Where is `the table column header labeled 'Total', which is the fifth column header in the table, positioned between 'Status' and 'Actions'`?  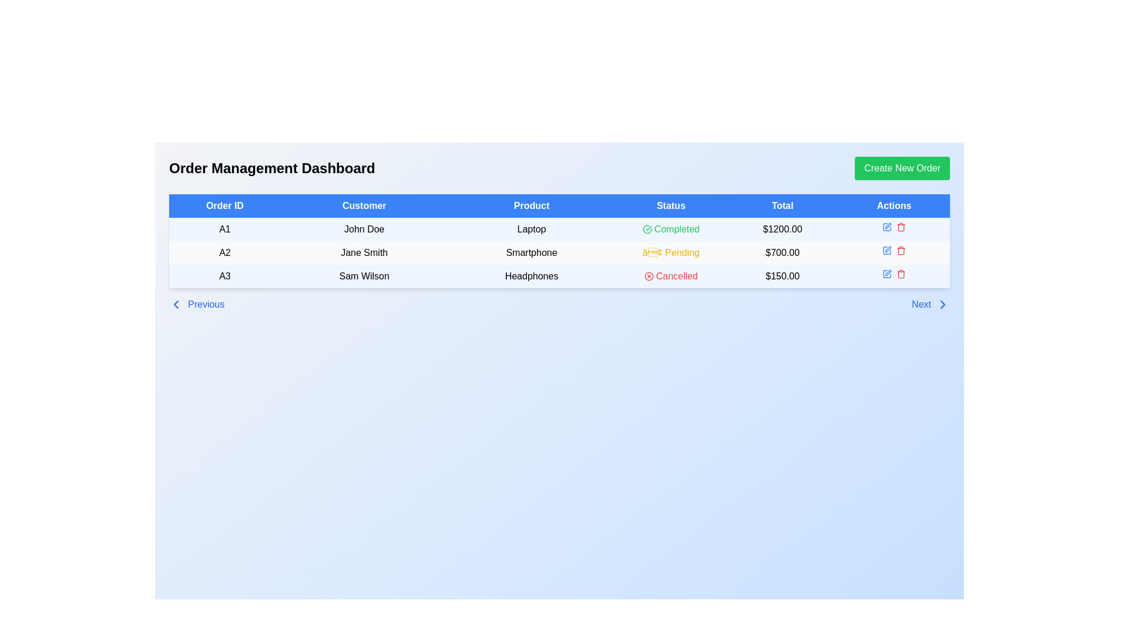 the table column header labeled 'Total', which is the fifth column header in the table, positioned between 'Status' and 'Actions' is located at coordinates (783, 205).